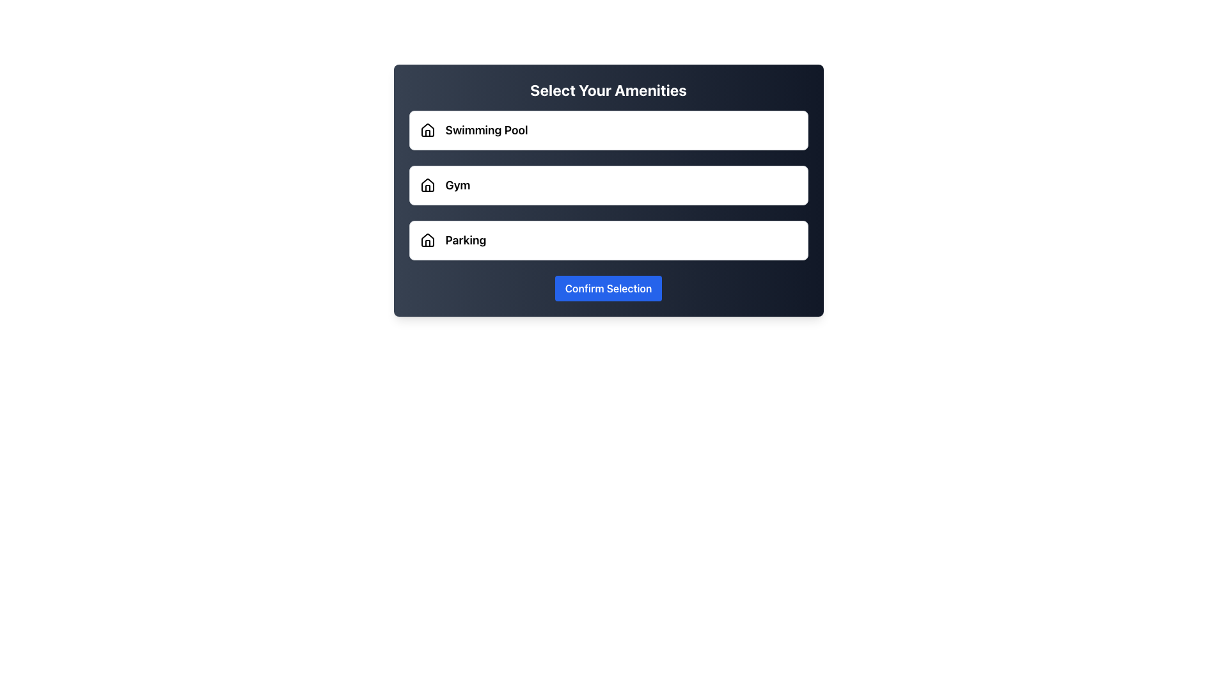 The height and width of the screenshot is (691, 1228). Describe the element at coordinates (427, 130) in the screenshot. I see `the first house icon representing 'Swimming Pool', located to the left of the text under 'Select Your Amenities'` at that location.